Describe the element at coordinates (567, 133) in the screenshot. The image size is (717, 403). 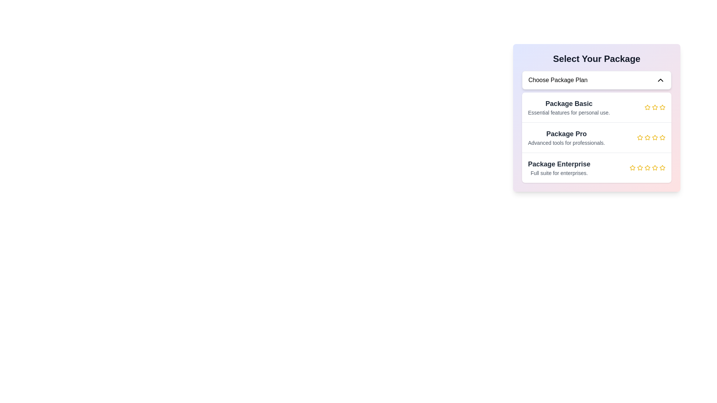
I see `the 'Package Pro' text label, which is styled in bold and larger font, located in the second section of the package options, above 'Advanced tools for professionals' and below 'Package Basic'` at that location.